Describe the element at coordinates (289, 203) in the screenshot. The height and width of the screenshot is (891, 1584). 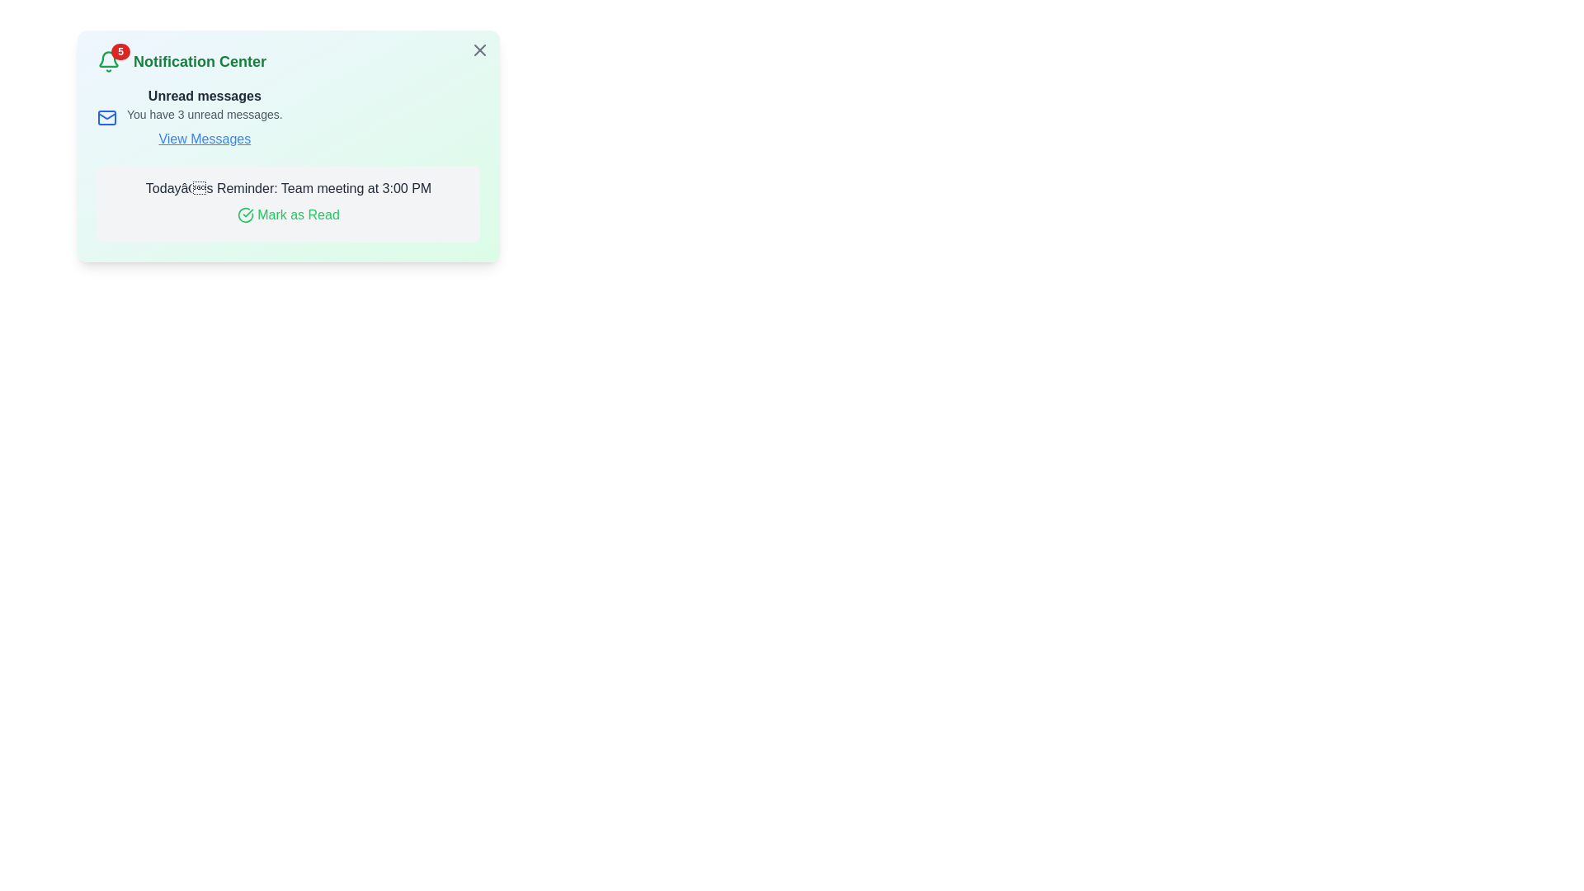
I see `the 'Mark as Read' button on the notification card that informs about a scheduled team meeting, located in the second section below the 'Unread messages' heading` at that location.